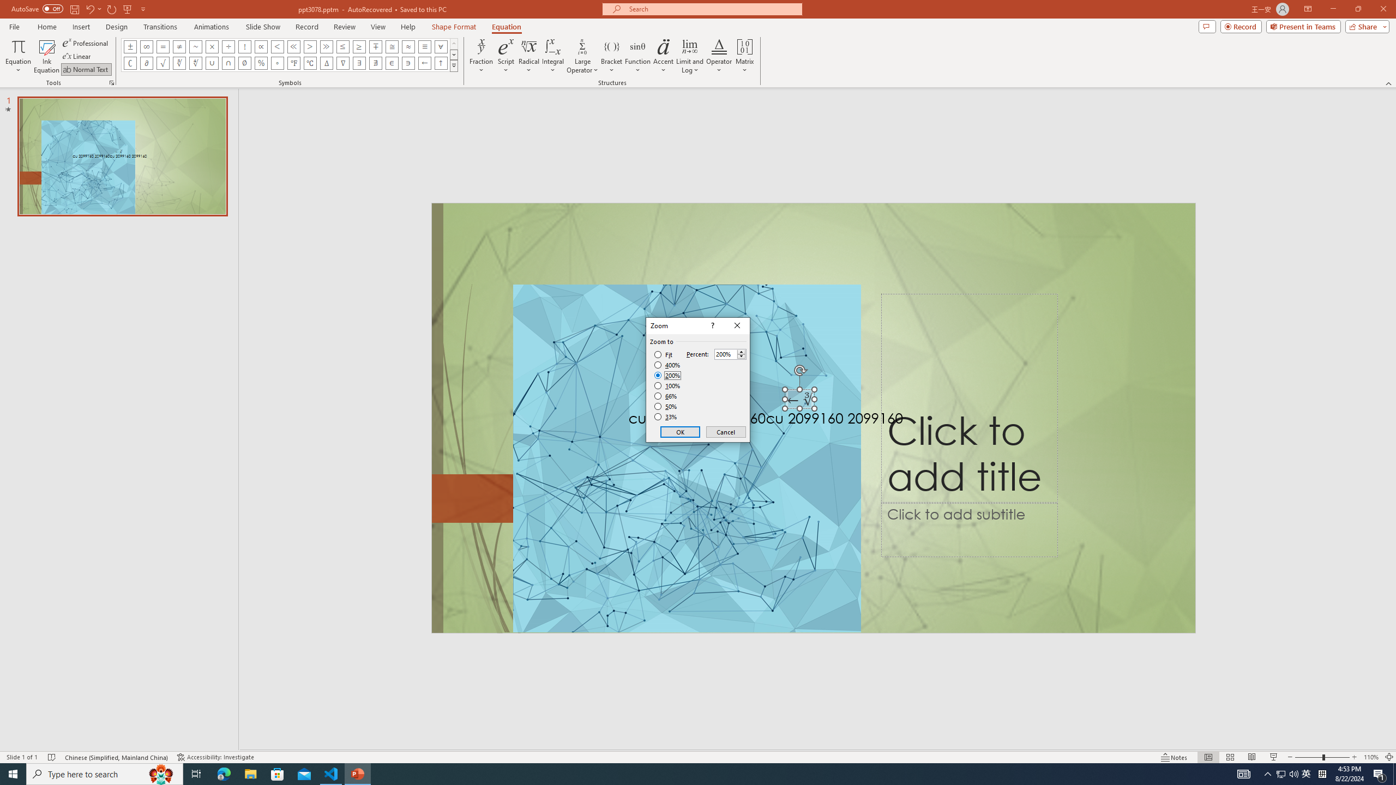 The image size is (1396, 785). What do you see at coordinates (146, 46) in the screenshot?
I see `'Equation Symbol Infinity'` at bounding box center [146, 46].